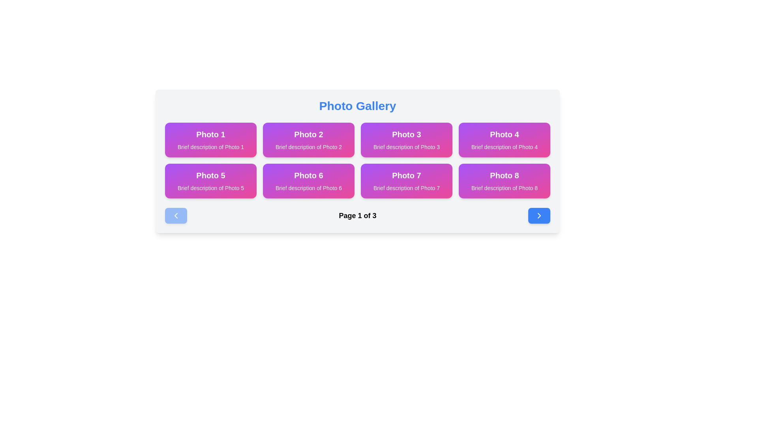  What do you see at coordinates (407, 175) in the screenshot?
I see `the bold text label 'Photo 7' which is displayed on a purple-to-pink gradient background within a card component located in the second row, third column of the grid layout` at bounding box center [407, 175].